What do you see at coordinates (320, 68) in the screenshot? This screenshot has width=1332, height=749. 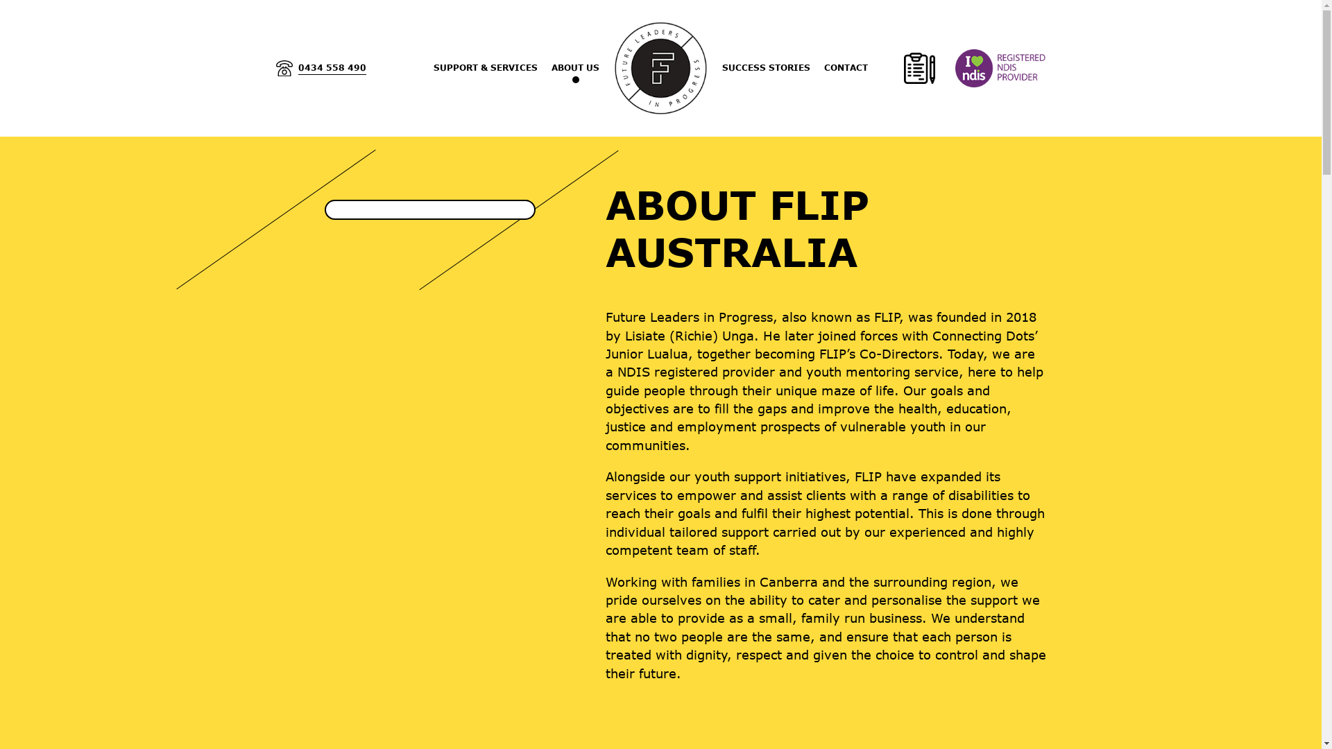 I see `'0434 558 490'` at bounding box center [320, 68].